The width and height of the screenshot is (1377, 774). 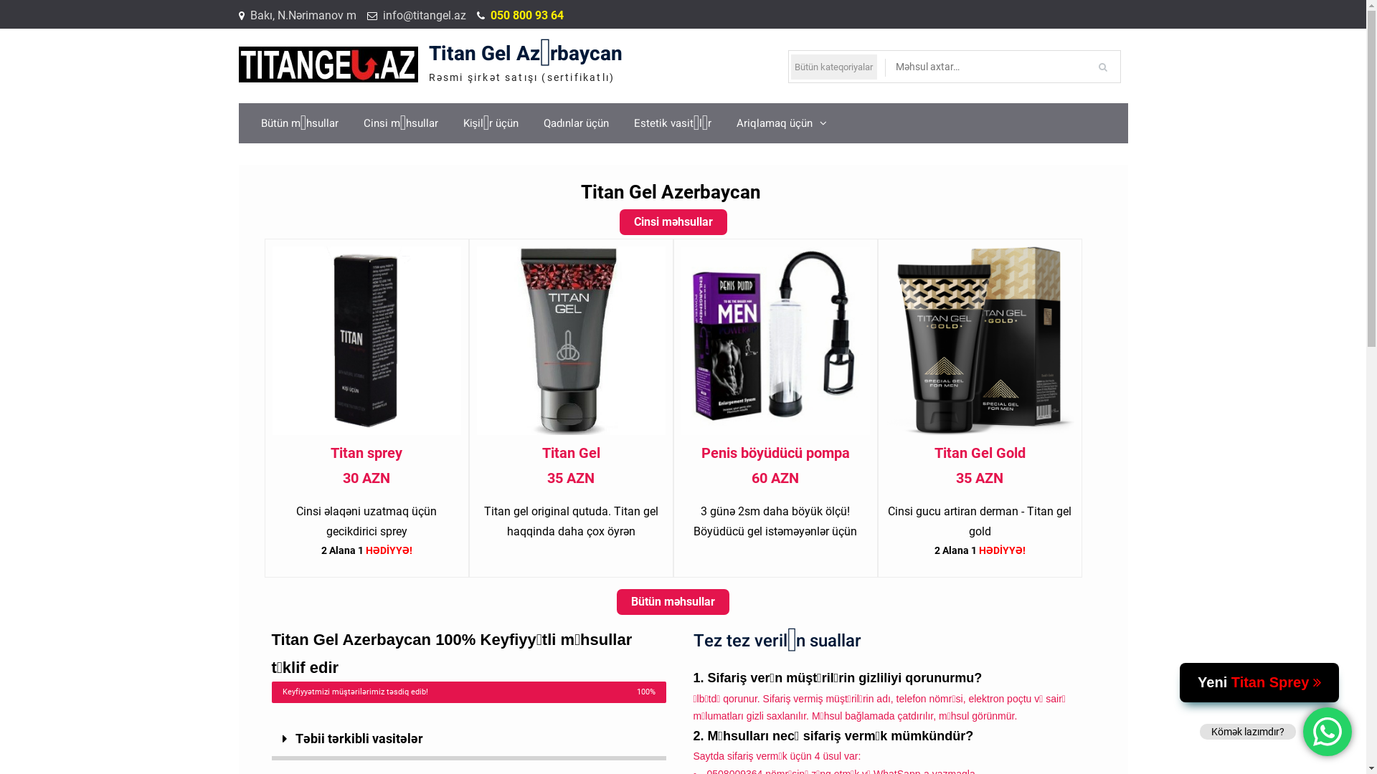 What do you see at coordinates (423, 16) in the screenshot?
I see `'info@titangel.az'` at bounding box center [423, 16].